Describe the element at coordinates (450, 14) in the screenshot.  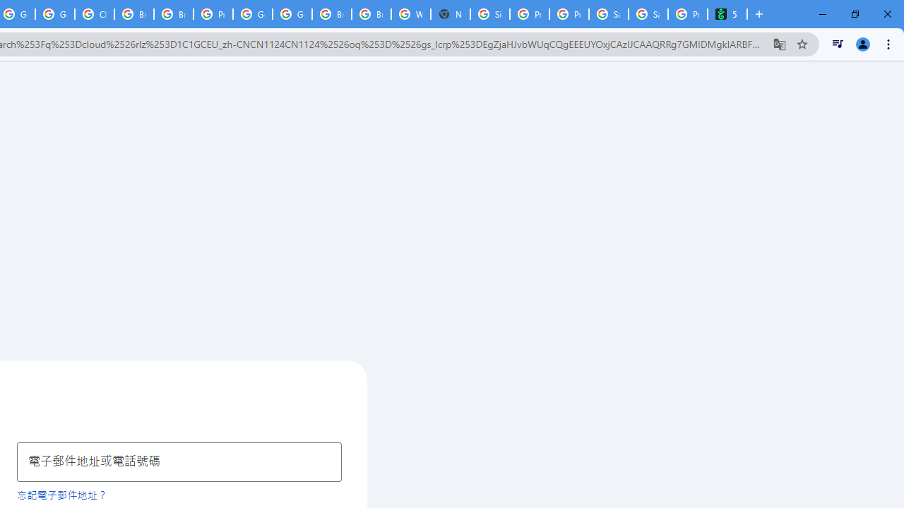
I see `'New Tab'` at that location.